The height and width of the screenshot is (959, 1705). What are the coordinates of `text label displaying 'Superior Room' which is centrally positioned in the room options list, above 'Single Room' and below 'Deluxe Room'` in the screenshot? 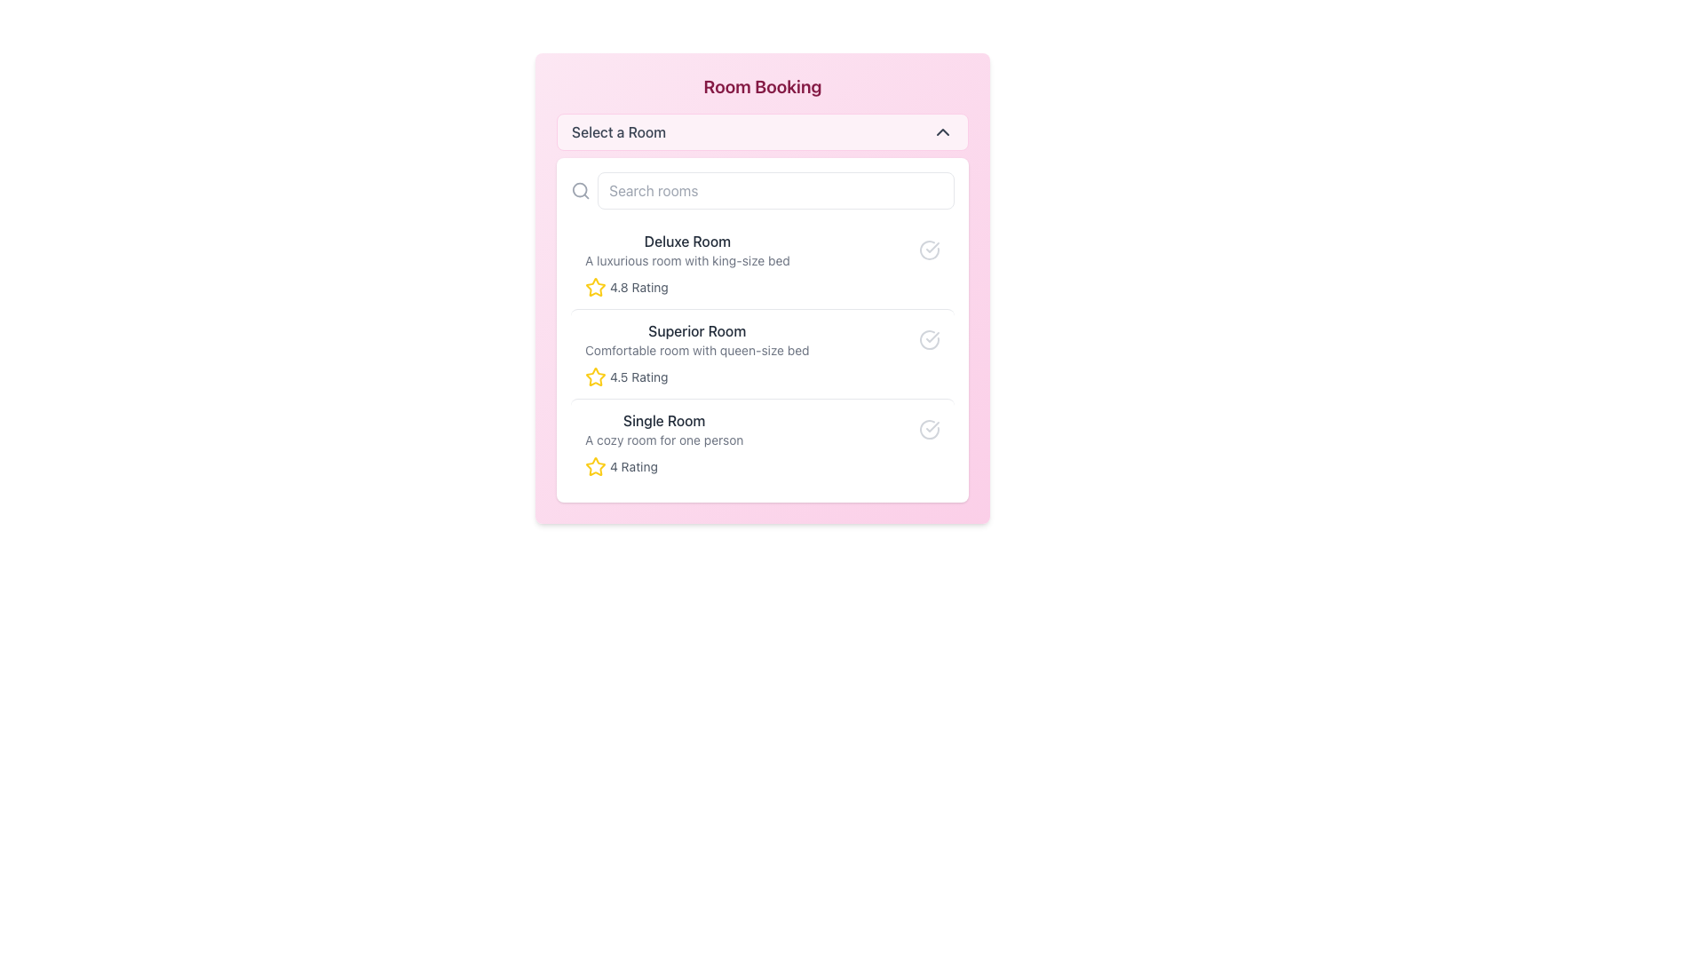 It's located at (696, 331).